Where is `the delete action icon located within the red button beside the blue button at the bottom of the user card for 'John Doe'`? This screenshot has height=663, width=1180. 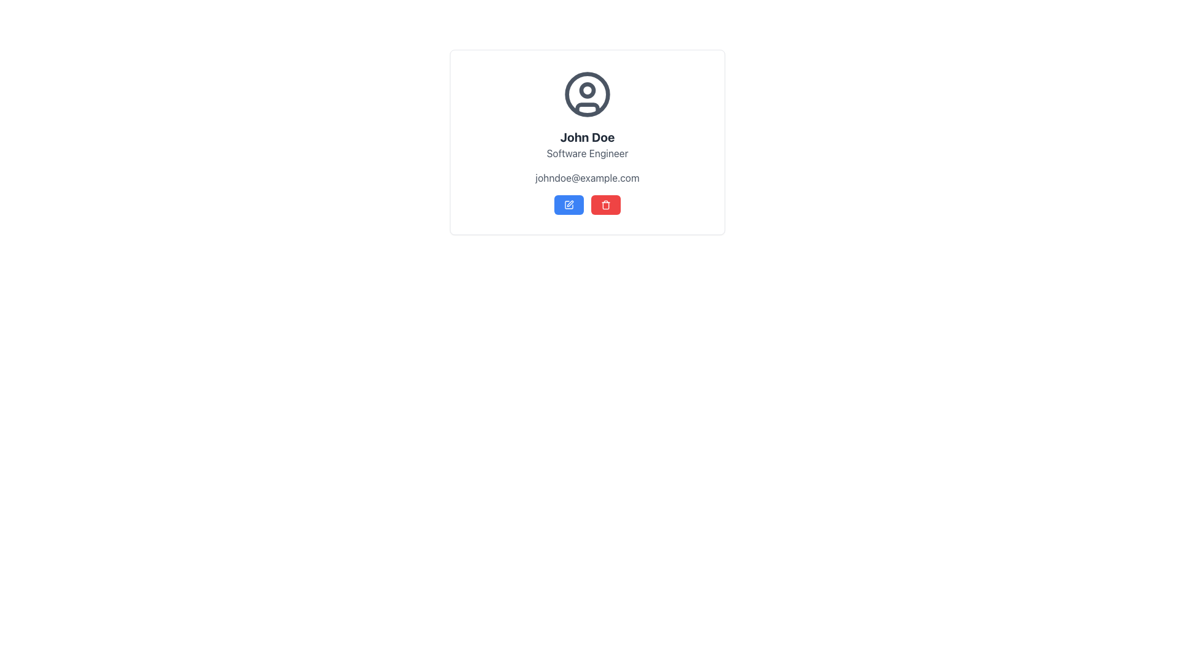
the delete action icon located within the red button beside the blue button at the bottom of the user card for 'John Doe' is located at coordinates (605, 204).